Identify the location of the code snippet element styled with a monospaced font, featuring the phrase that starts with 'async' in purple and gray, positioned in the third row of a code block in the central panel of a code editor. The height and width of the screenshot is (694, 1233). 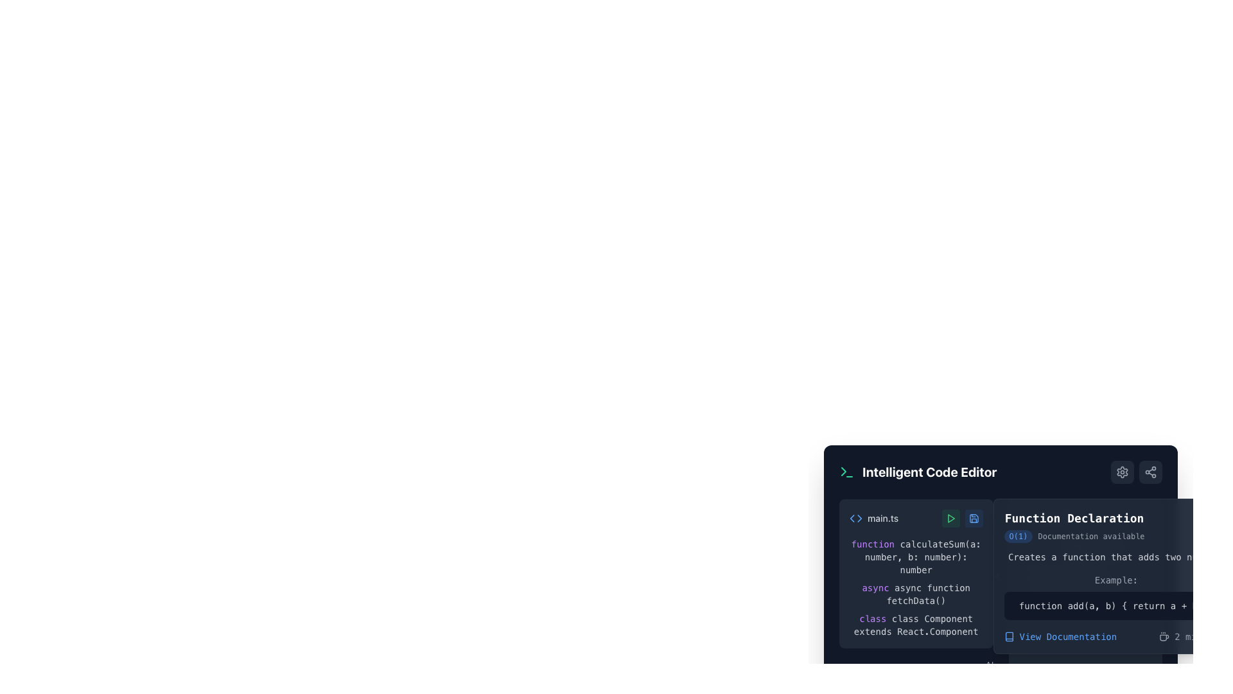
(915, 594).